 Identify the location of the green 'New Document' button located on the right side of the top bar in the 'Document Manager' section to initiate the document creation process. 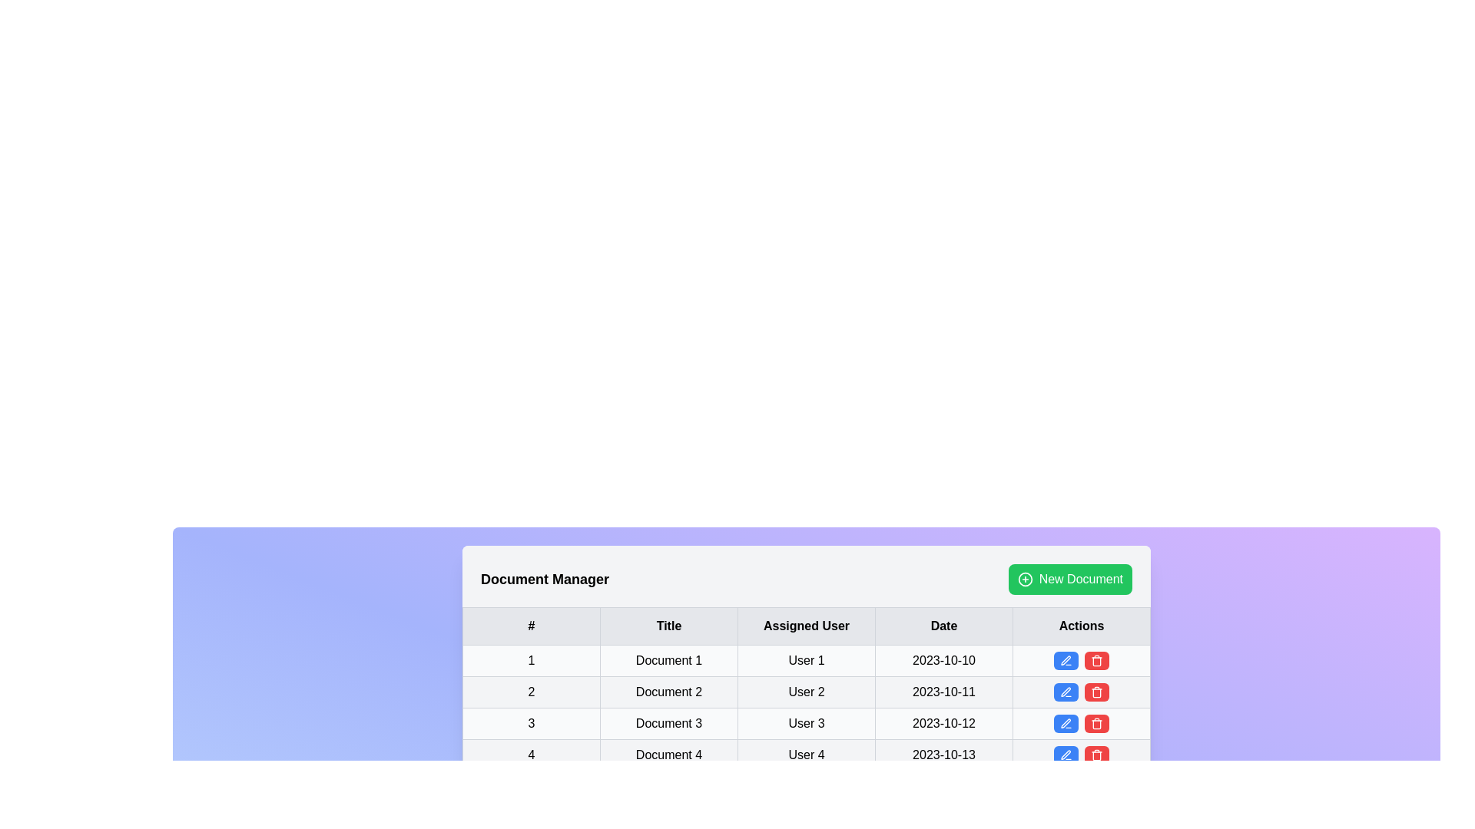
(1069, 580).